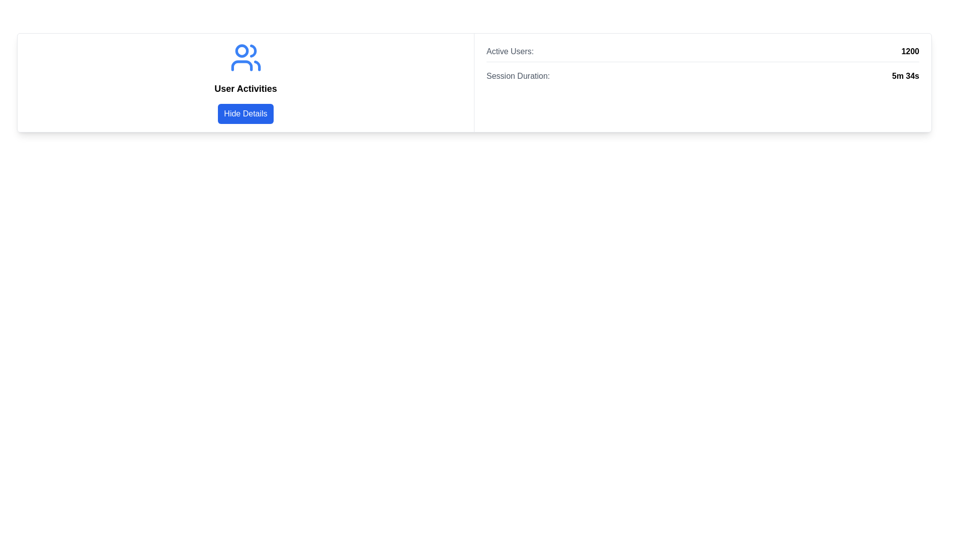 The width and height of the screenshot is (964, 542). Describe the element at coordinates (246, 58) in the screenshot. I see `the user activities icon located at the top-center region above the 'User Activities' text and centrally aligned to the 'Hide Details' button` at that location.